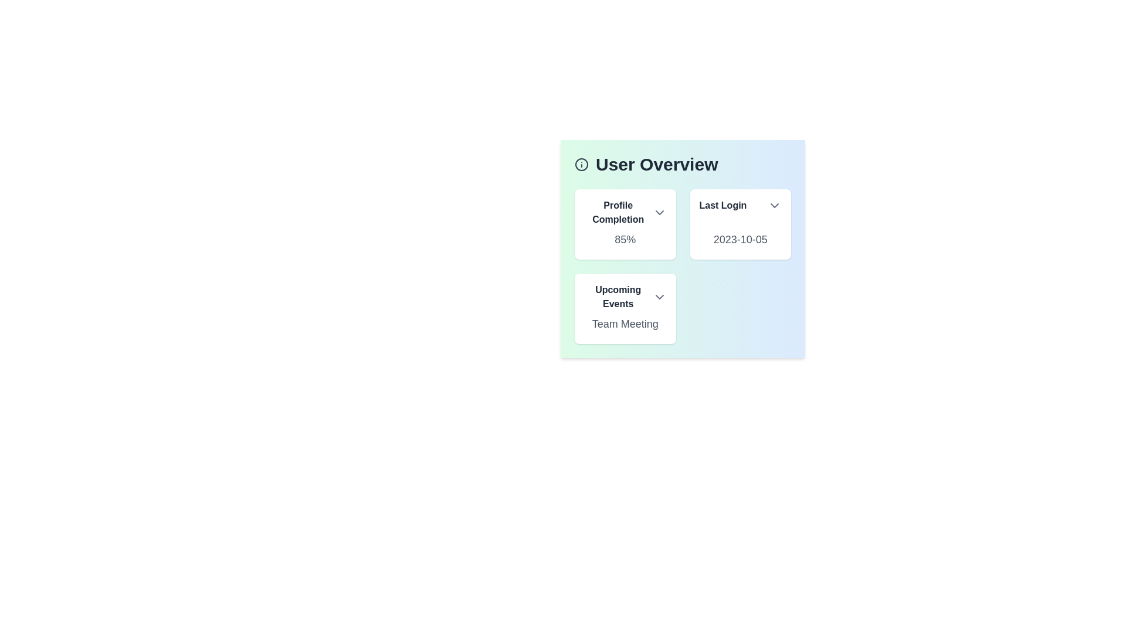  Describe the element at coordinates (625, 308) in the screenshot. I see `the Informational card labeled 'Upcoming Events' that contains the text 'Team Meeting' and is located in the lower-left section of the grid layout` at that location.